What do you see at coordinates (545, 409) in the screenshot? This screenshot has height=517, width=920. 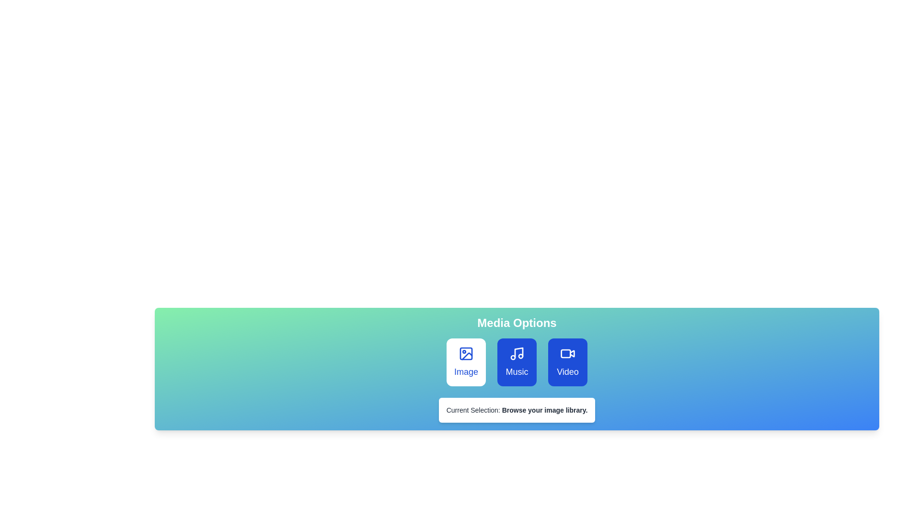 I see `the non-interactive text label that describes the ability to browse the image library, located at the bottom area of the interface beneath selectable media options` at bounding box center [545, 409].